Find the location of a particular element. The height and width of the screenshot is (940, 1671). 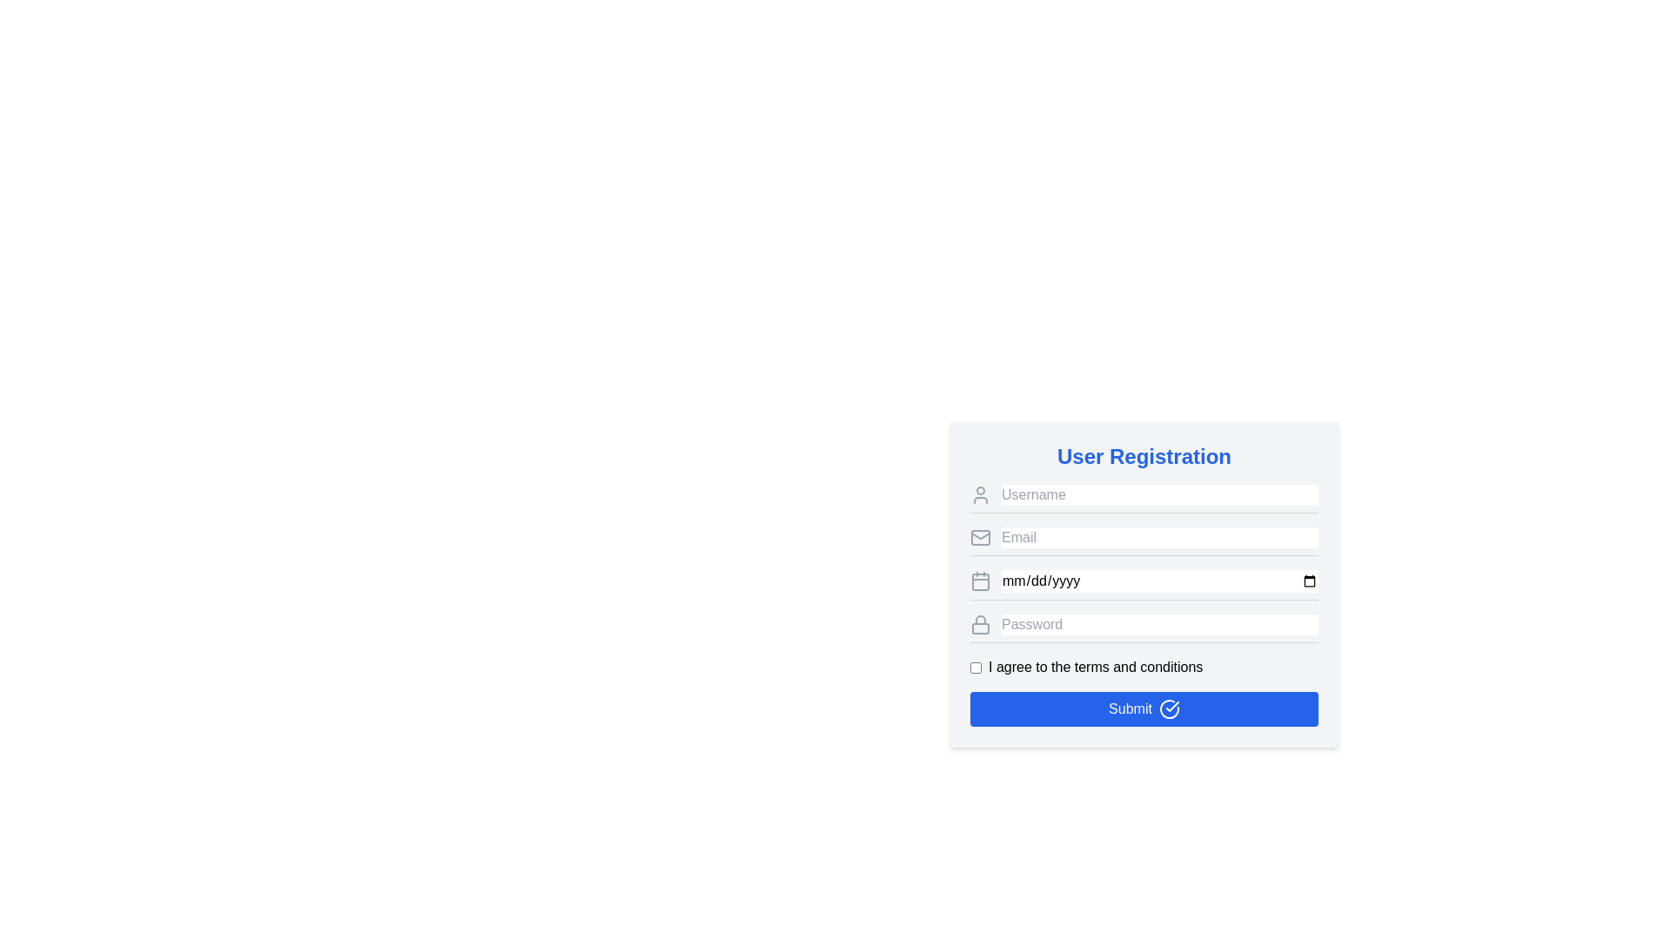

the Date Input Field in the user registration form is located at coordinates (1144, 585).